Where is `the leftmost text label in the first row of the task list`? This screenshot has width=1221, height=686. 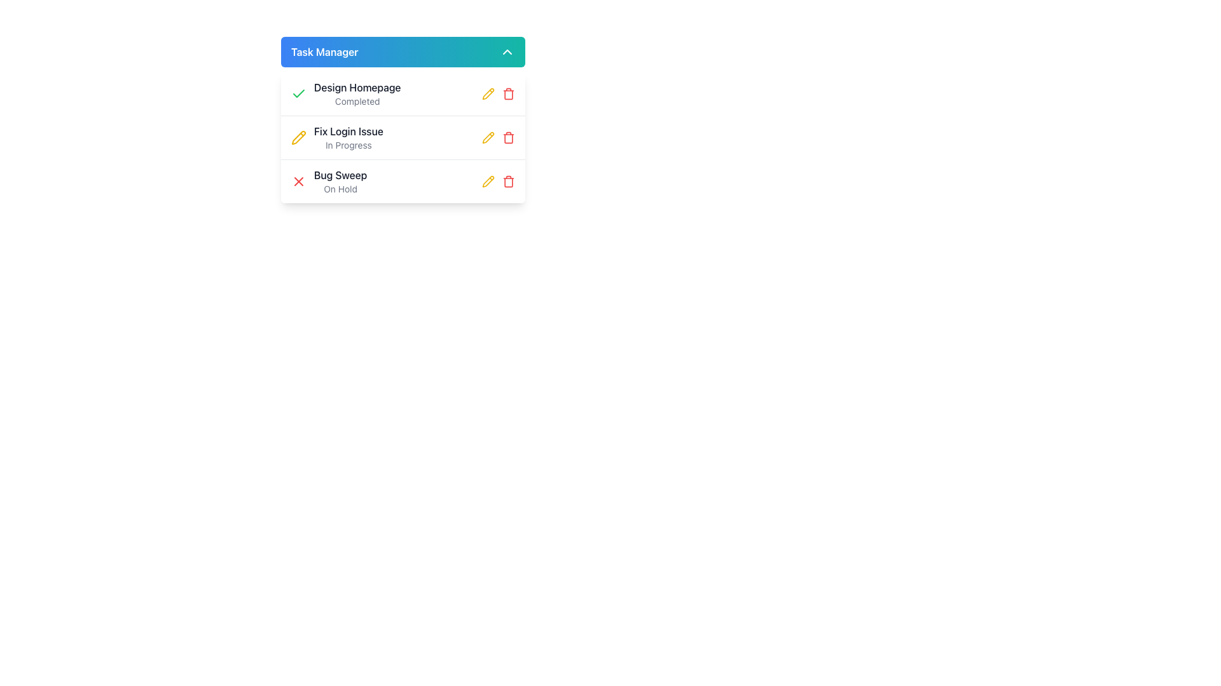 the leftmost text label in the first row of the task list is located at coordinates (356, 87).